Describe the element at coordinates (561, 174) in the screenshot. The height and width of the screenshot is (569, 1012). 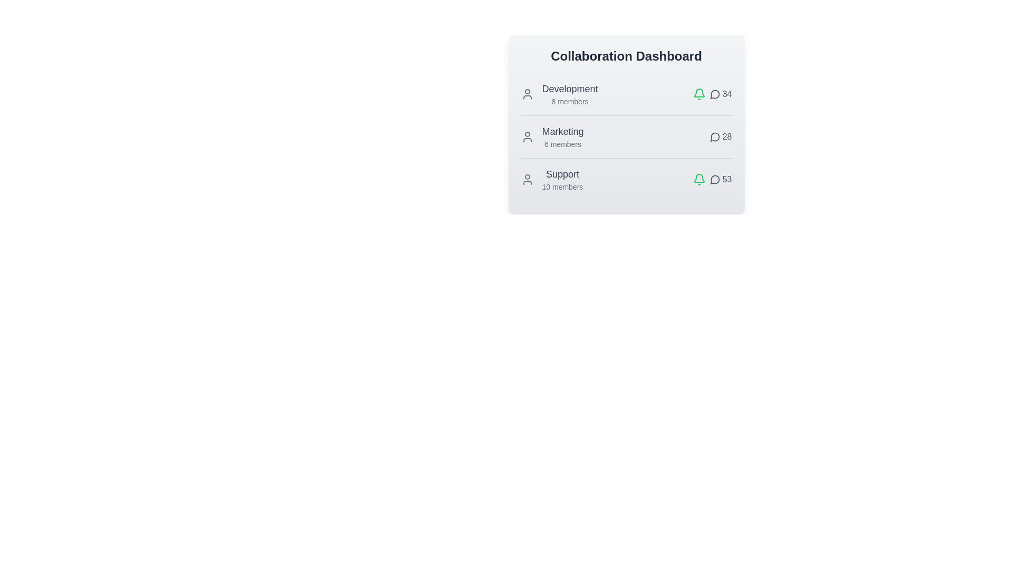
I see `the team name Support` at that location.